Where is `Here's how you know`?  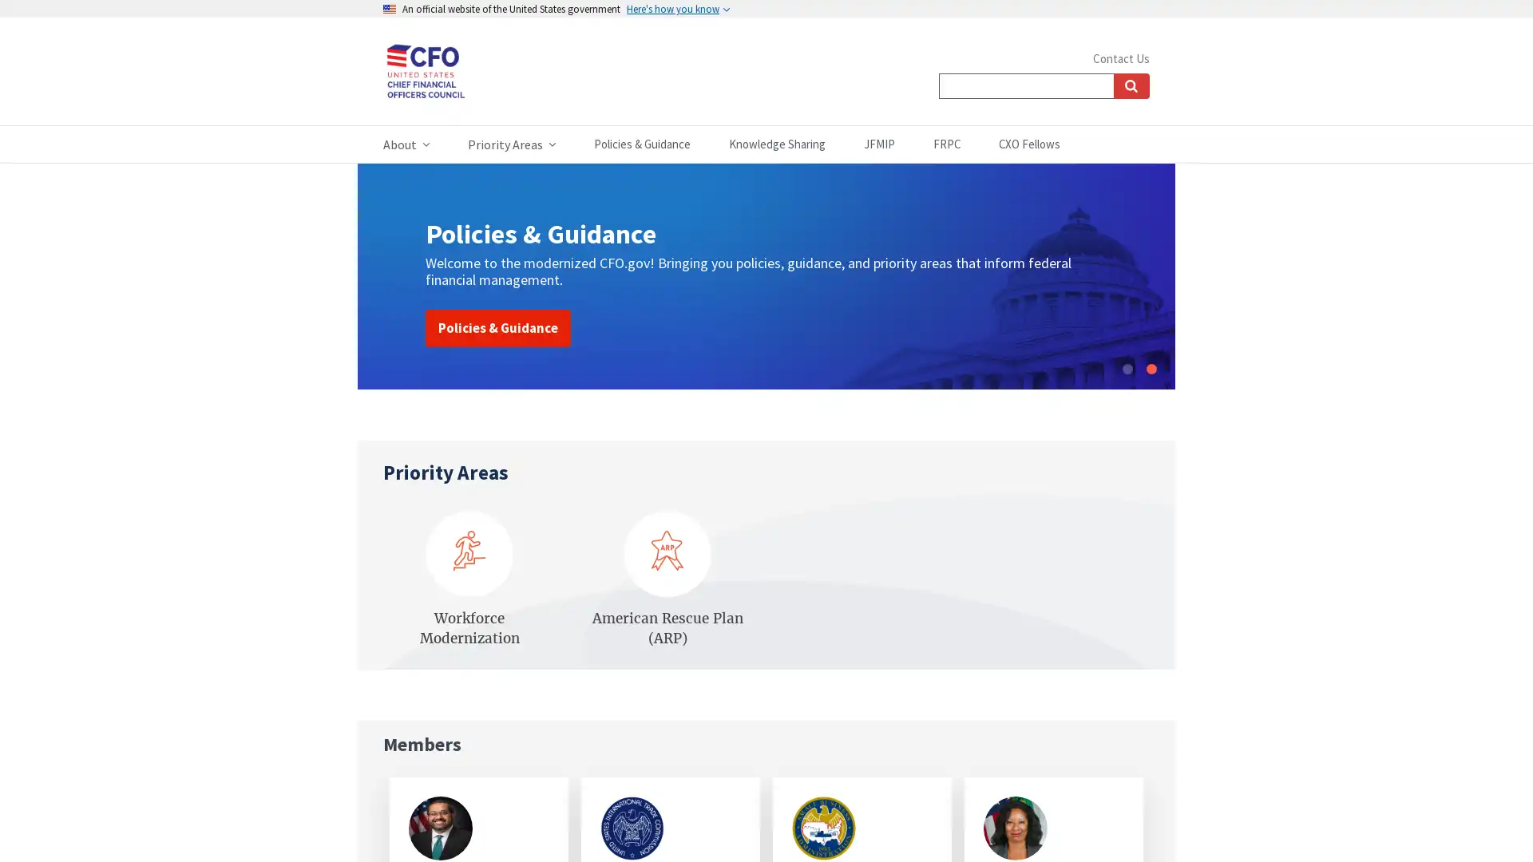 Here's how you know is located at coordinates (678, 9).